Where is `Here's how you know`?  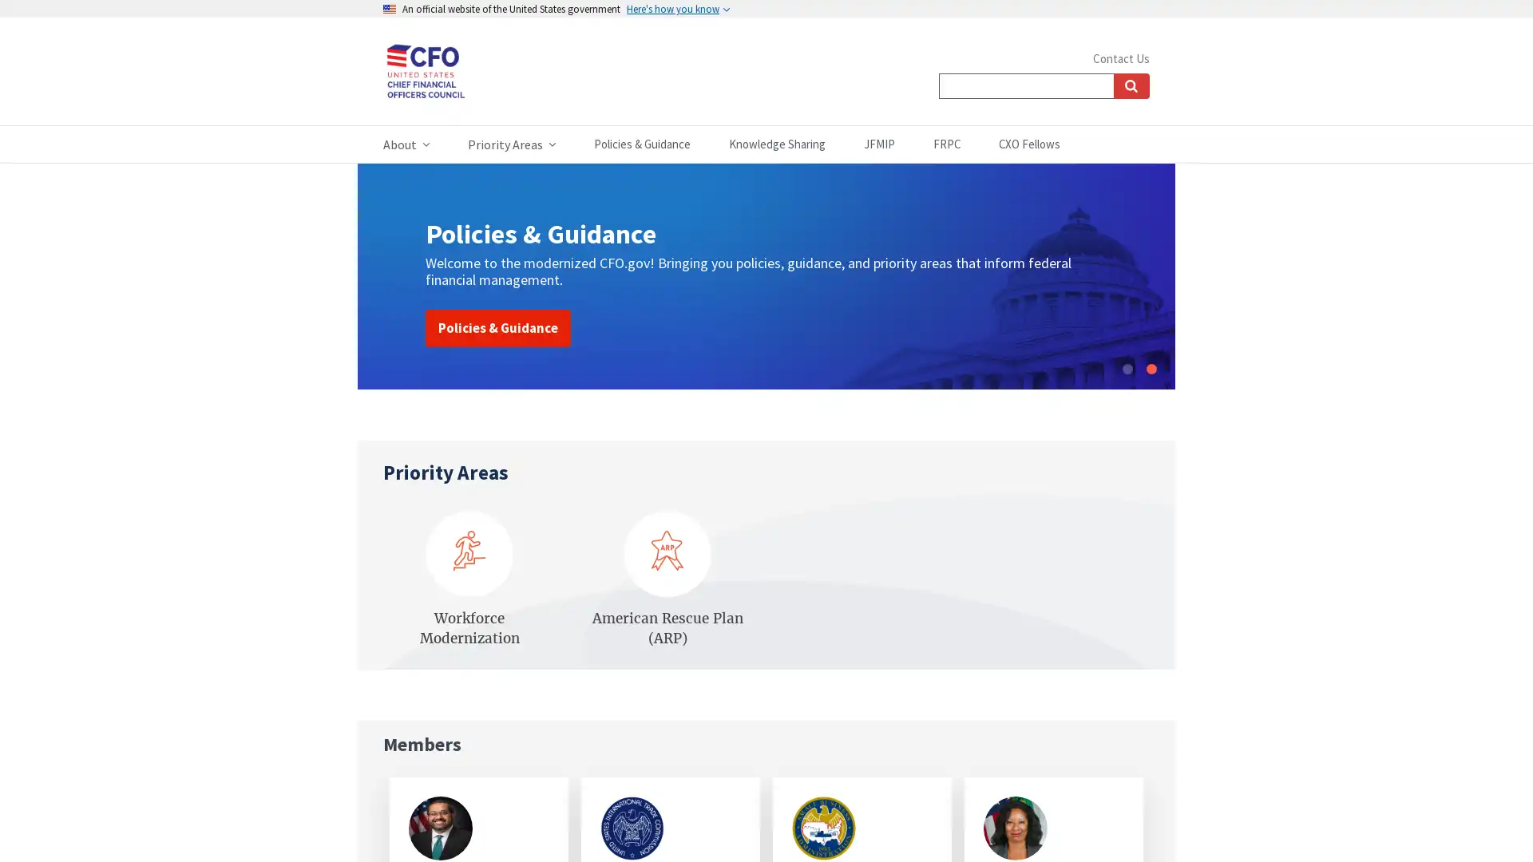 Here's how you know is located at coordinates (678, 9).